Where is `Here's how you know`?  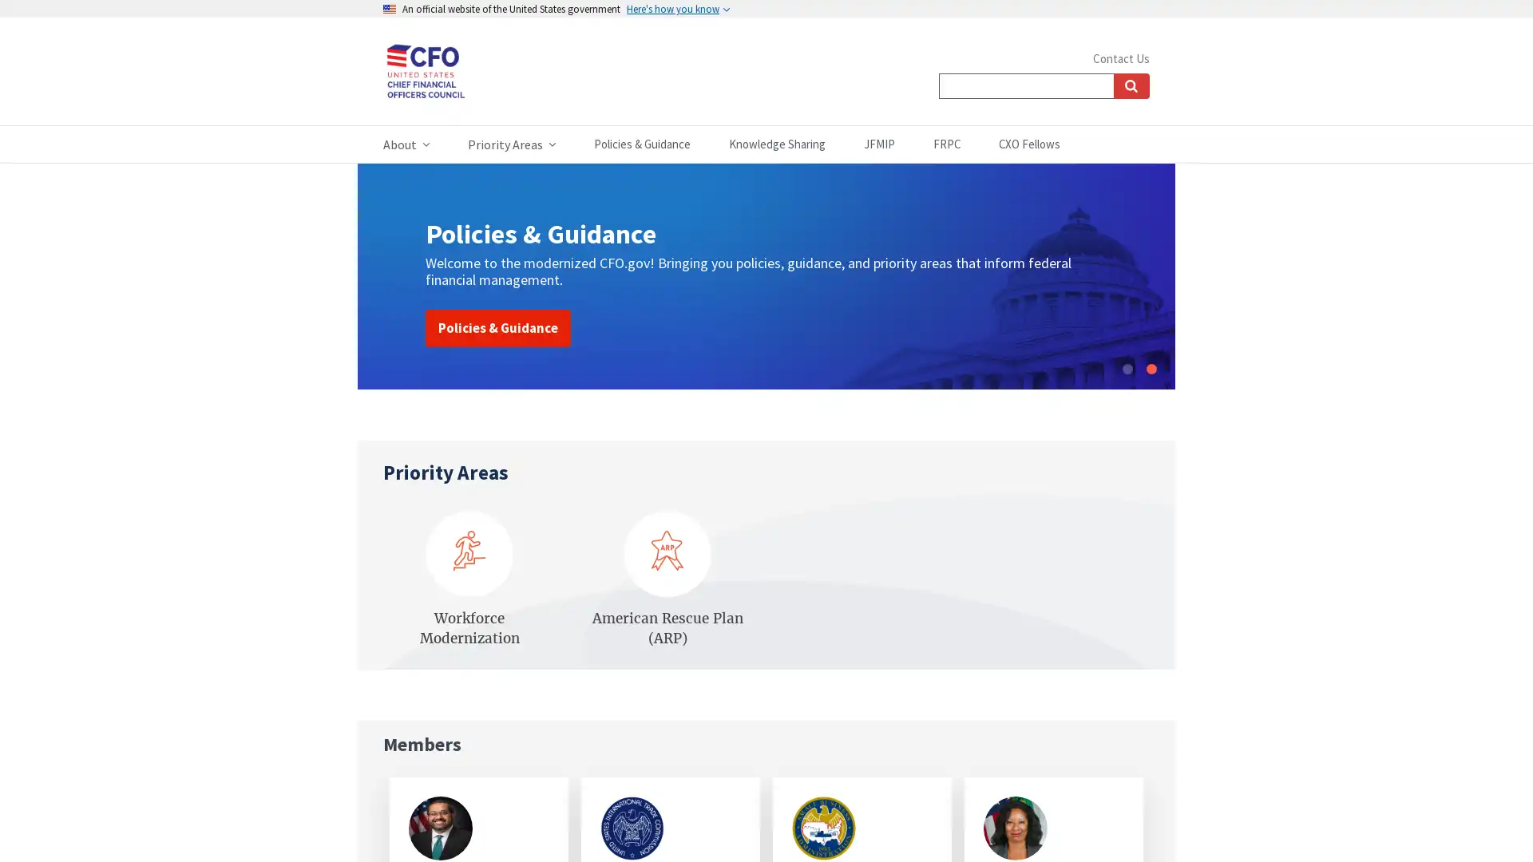 Here's how you know is located at coordinates (678, 9).